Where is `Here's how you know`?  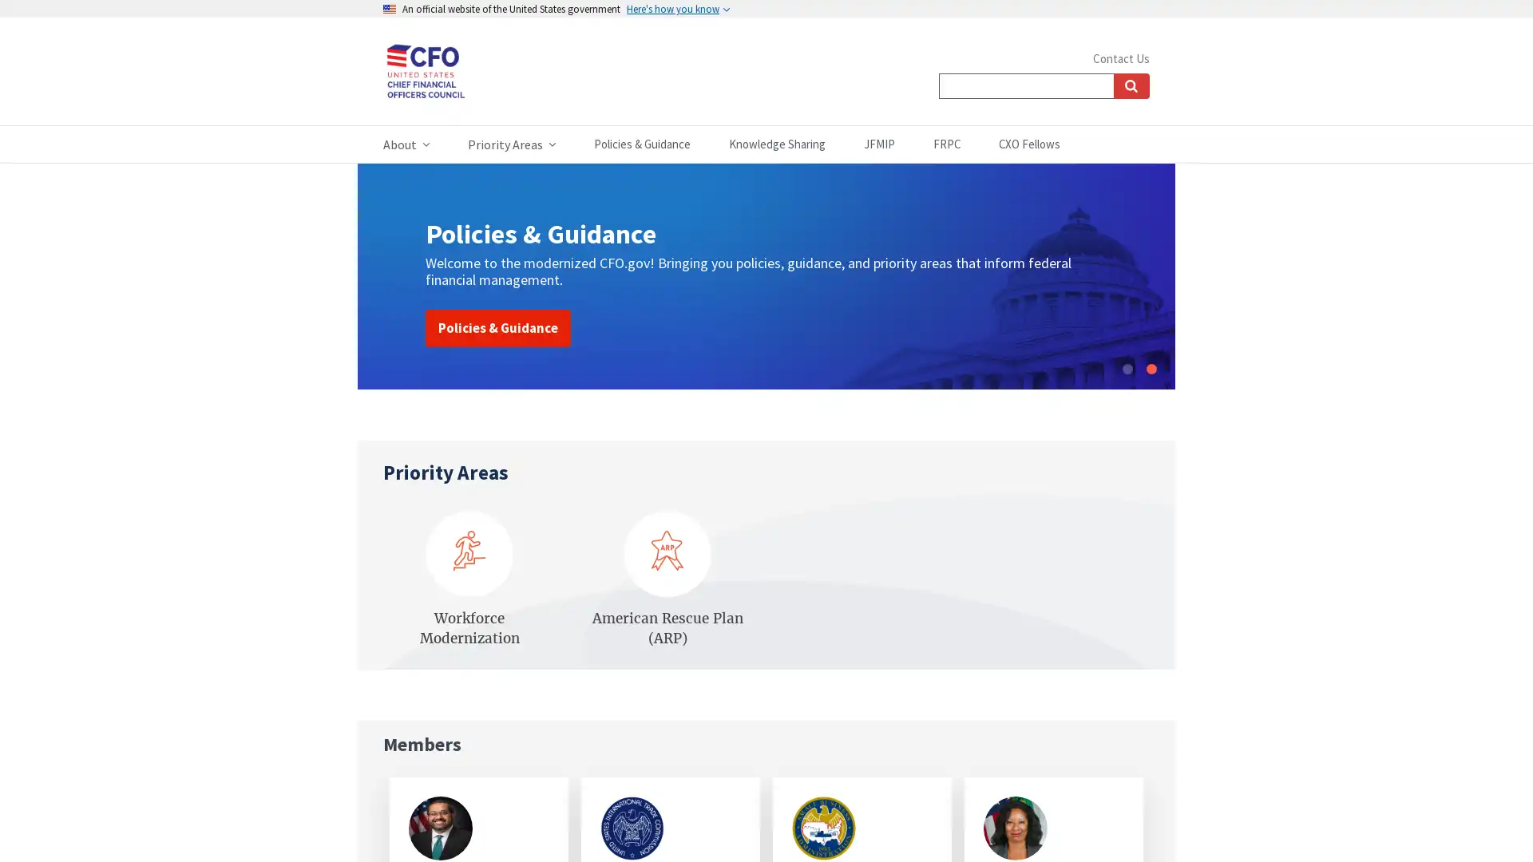 Here's how you know is located at coordinates (678, 9).